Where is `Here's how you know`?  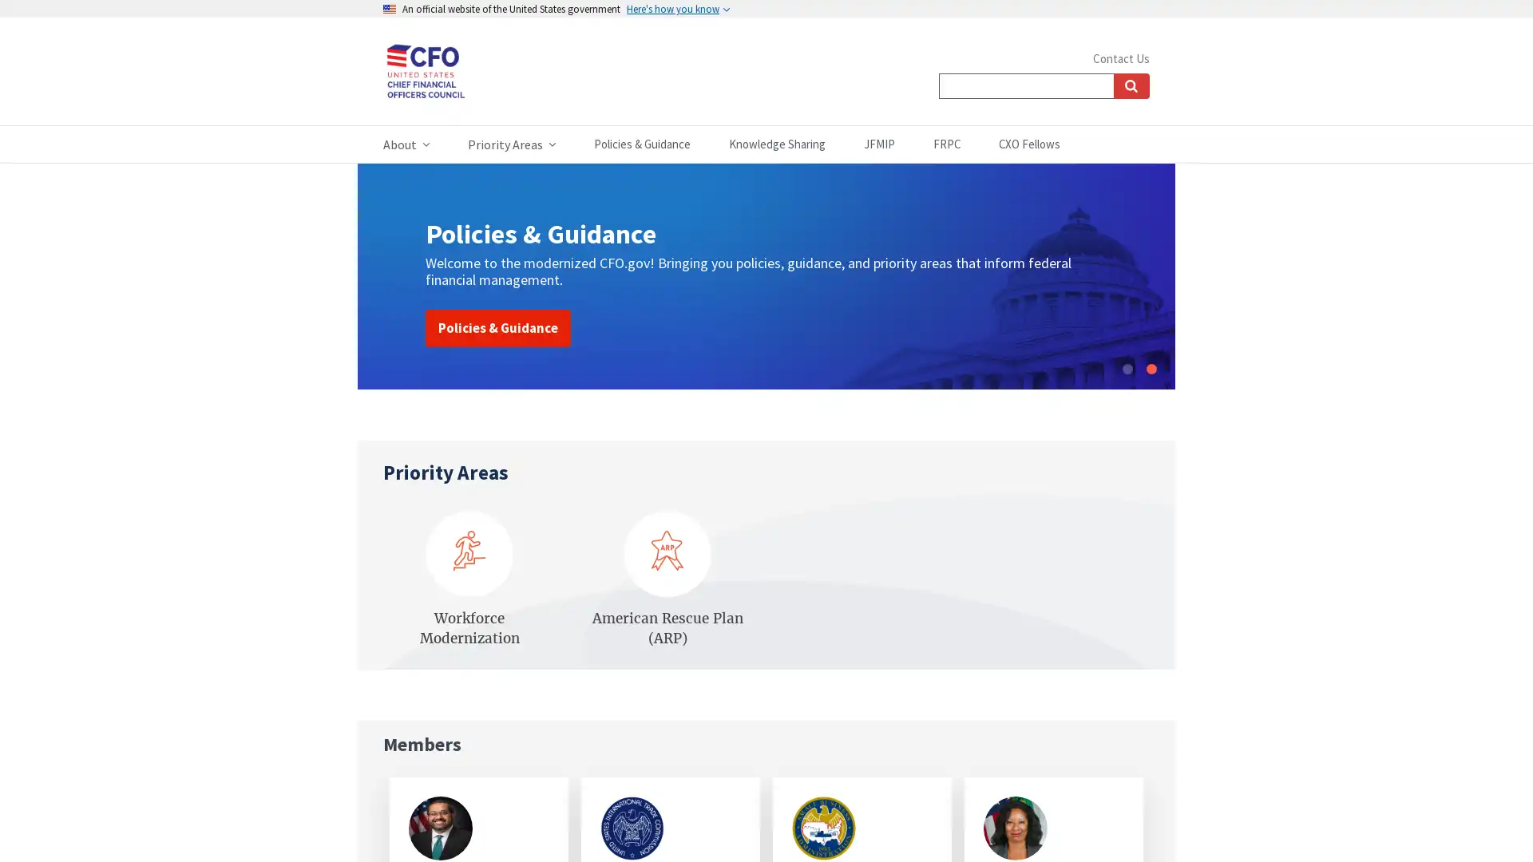 Here's how you know is located at coordinates (678, 9).